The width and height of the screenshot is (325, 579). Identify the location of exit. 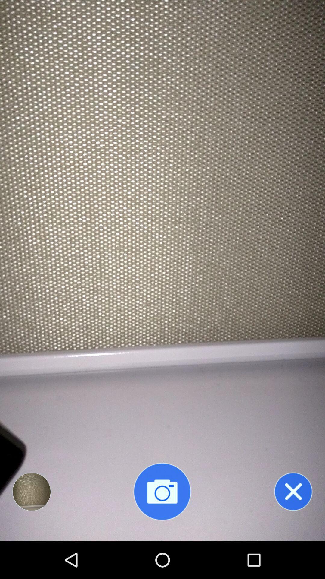
(293, 492).